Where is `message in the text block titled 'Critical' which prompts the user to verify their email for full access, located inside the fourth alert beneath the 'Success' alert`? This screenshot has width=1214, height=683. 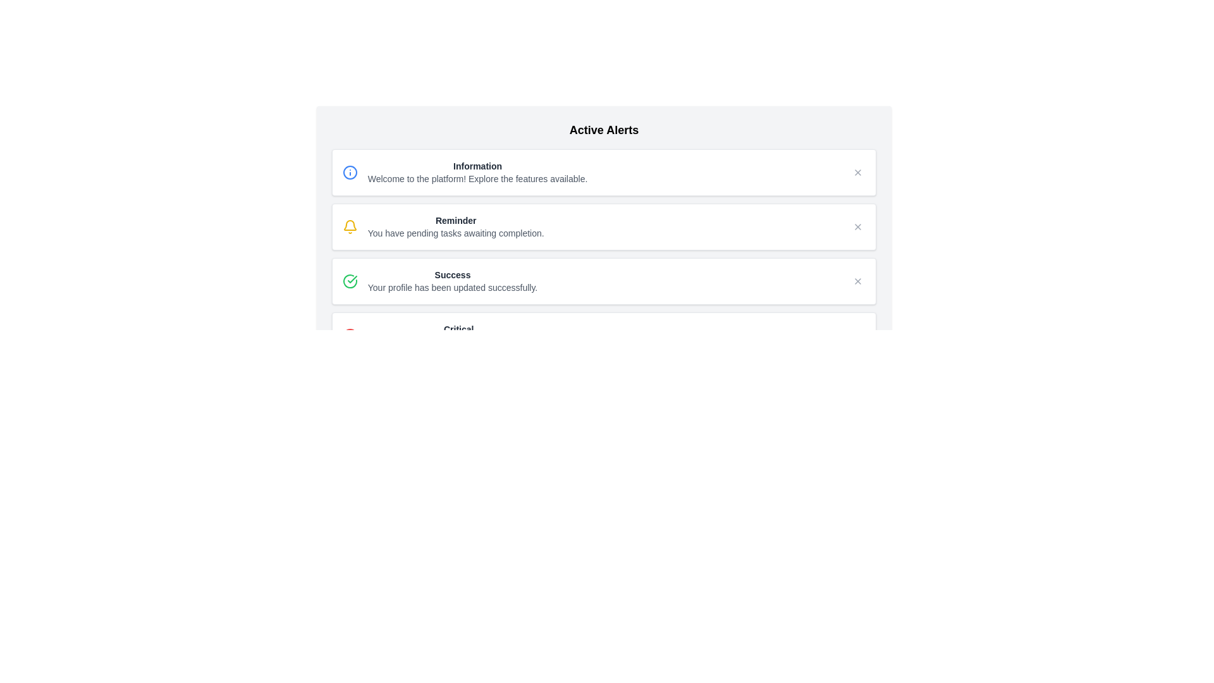 message in the text block titled 'Critical' which prompts the user to verify their email for full access, located inside the fourth alert beneath the 'Success' alert is located at coordinates (458, 335).